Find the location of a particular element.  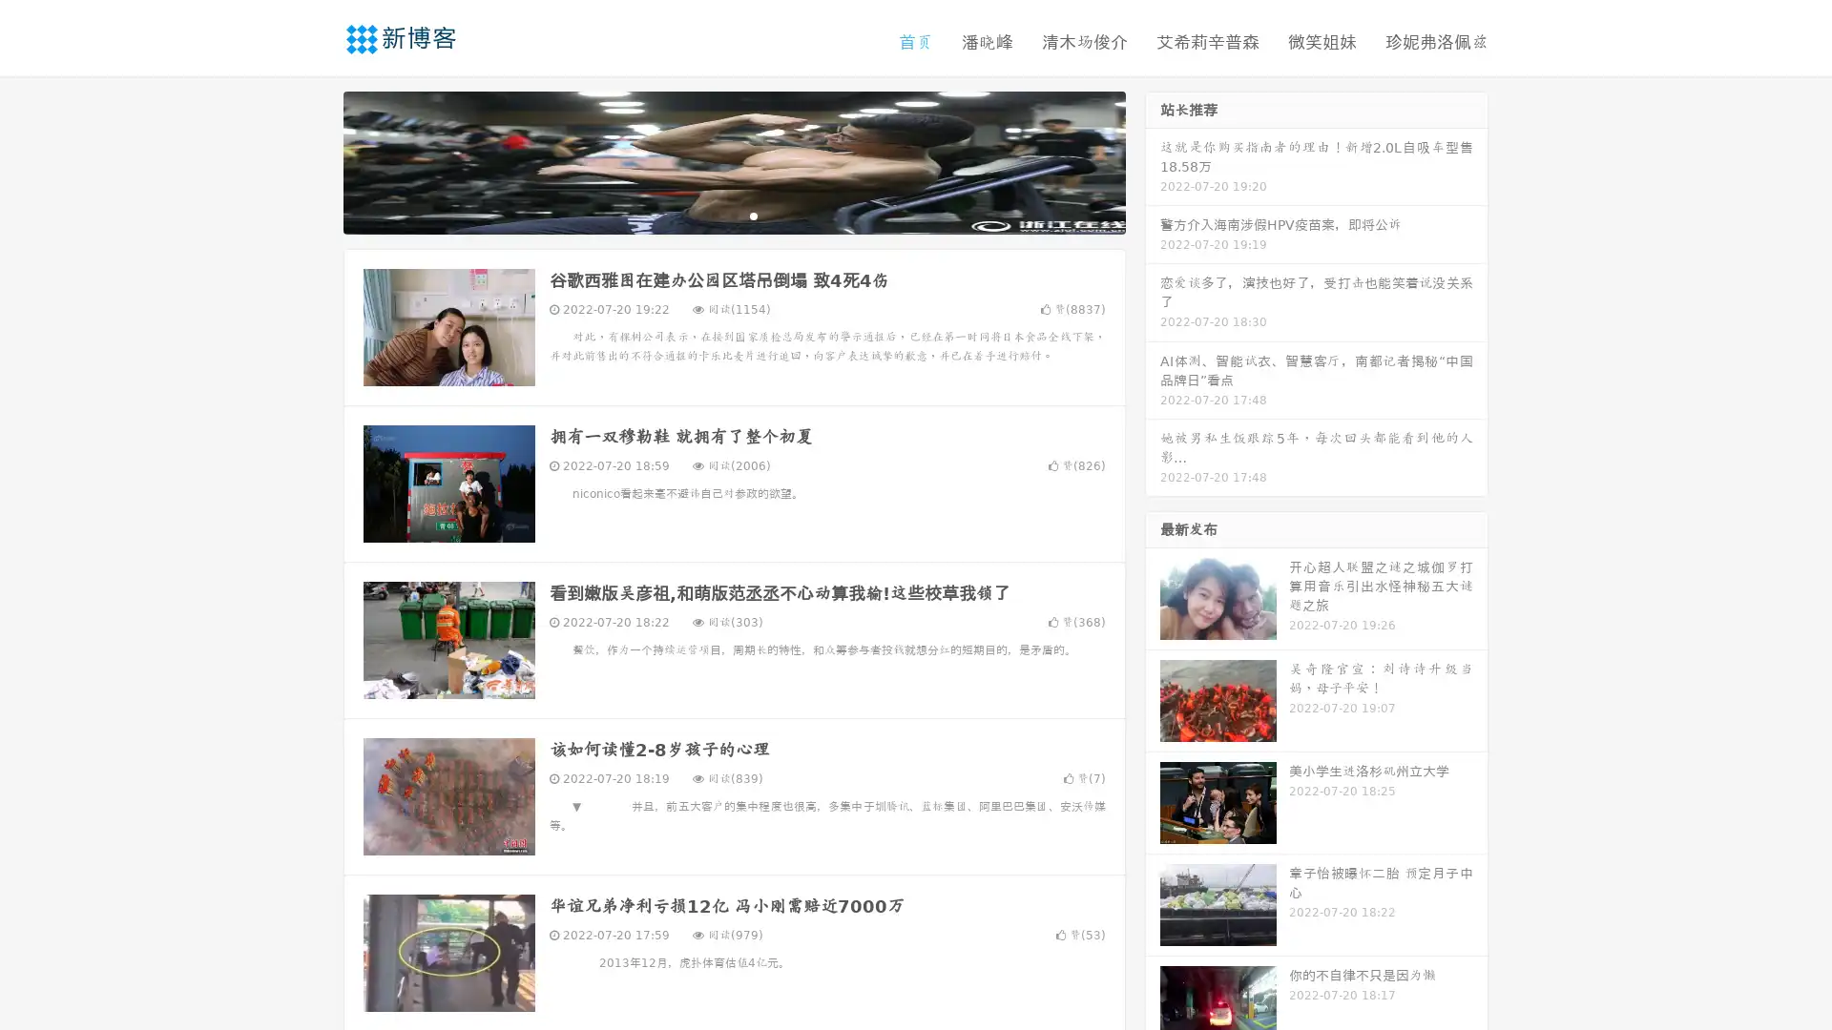

Go to slide 2 is located at coordinates (733, 215).